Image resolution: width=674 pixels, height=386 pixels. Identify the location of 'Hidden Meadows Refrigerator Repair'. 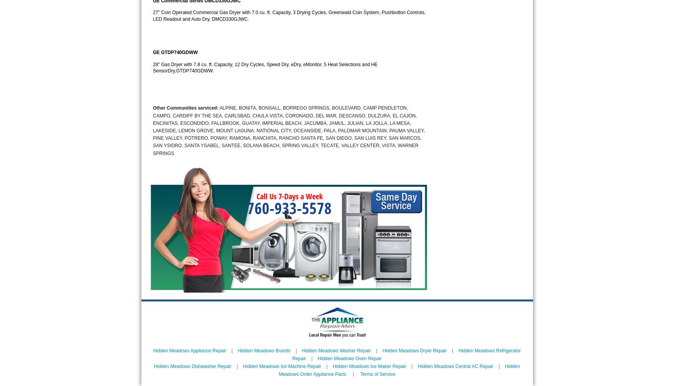
(406, 354).